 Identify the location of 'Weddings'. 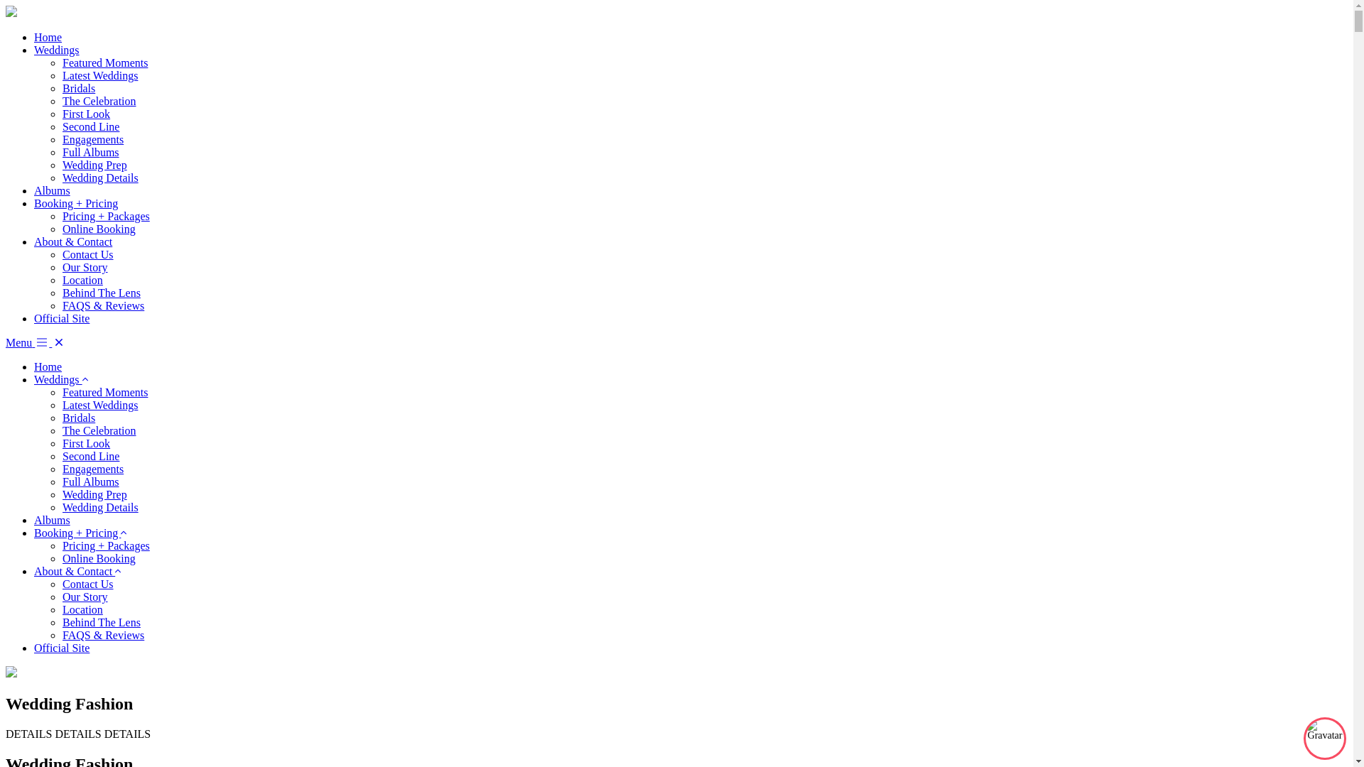
(57, 379).